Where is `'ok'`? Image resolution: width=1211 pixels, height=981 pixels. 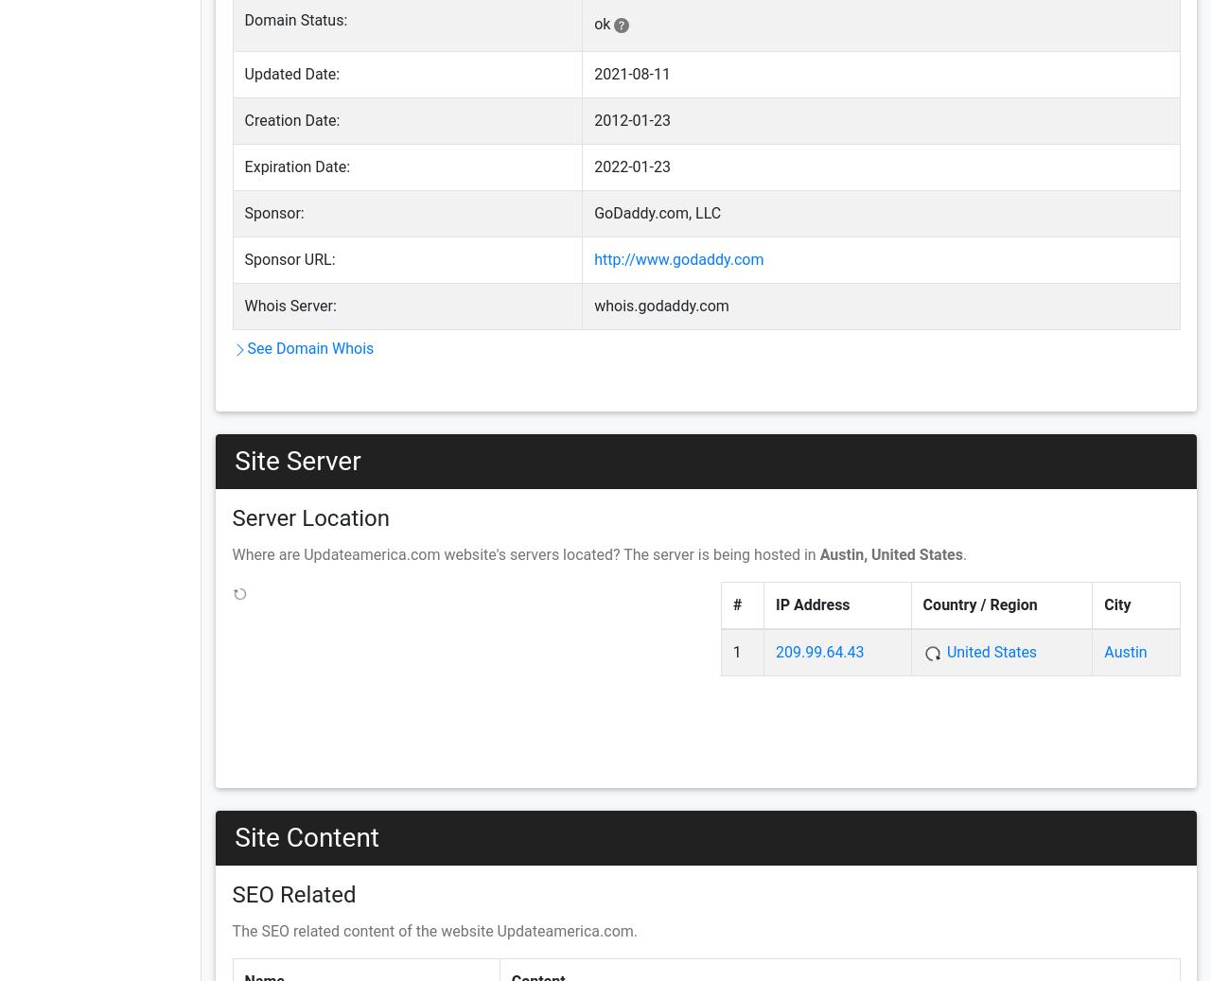 'ok' is located at coordinates (592, 23).